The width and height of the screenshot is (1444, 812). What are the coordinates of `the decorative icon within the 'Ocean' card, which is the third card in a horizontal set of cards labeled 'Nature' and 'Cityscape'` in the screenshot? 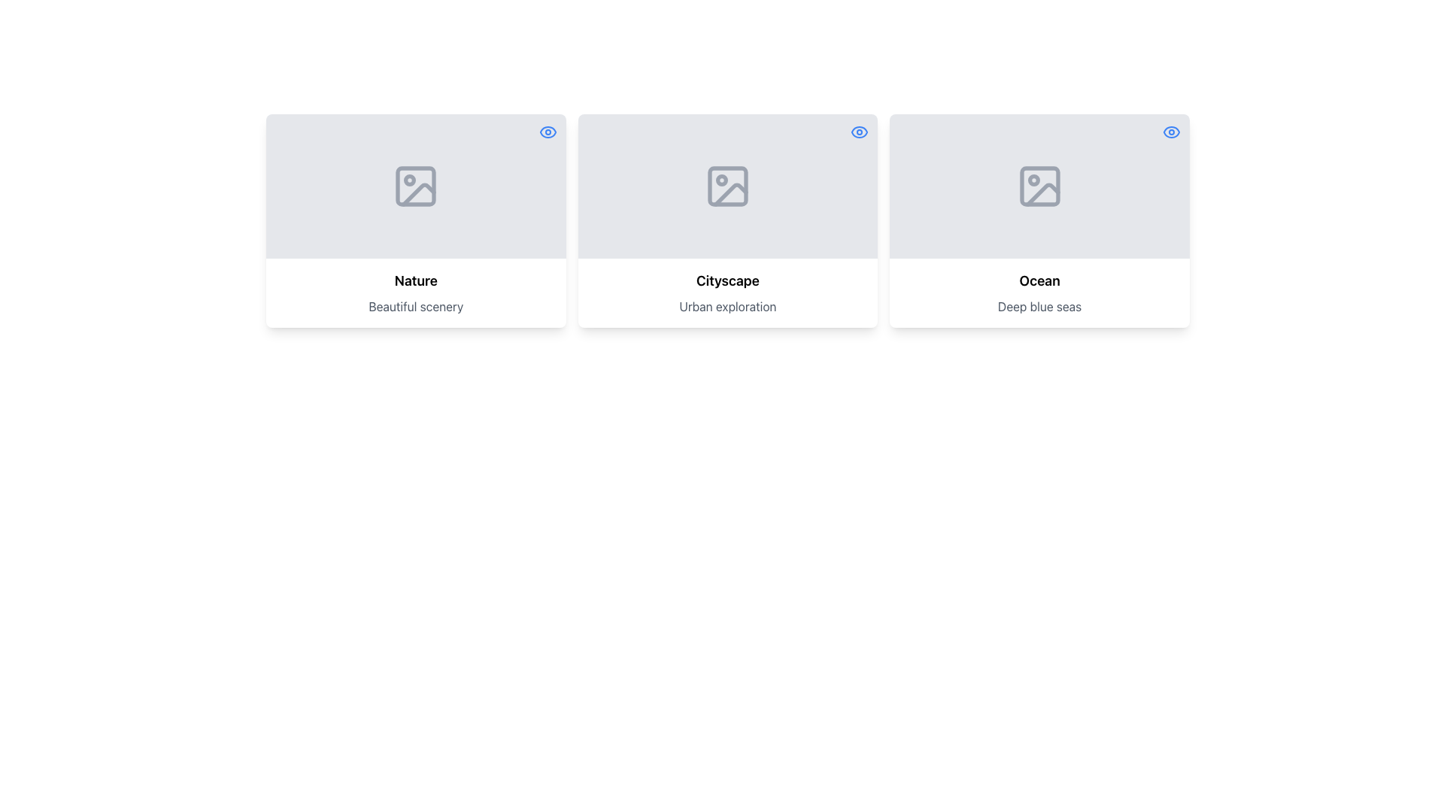 It's located at (1039, 185).